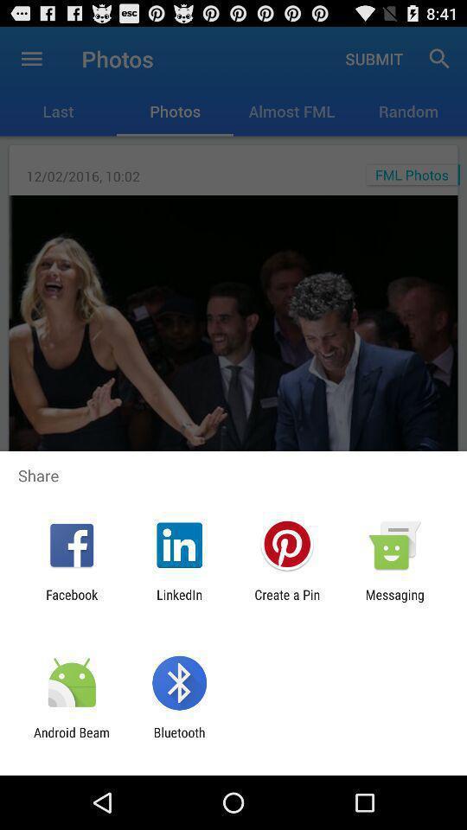  What do you see at coordinates (71, 739) in the screenshot?
I see `android beam item` at bounding box center [71, 739].